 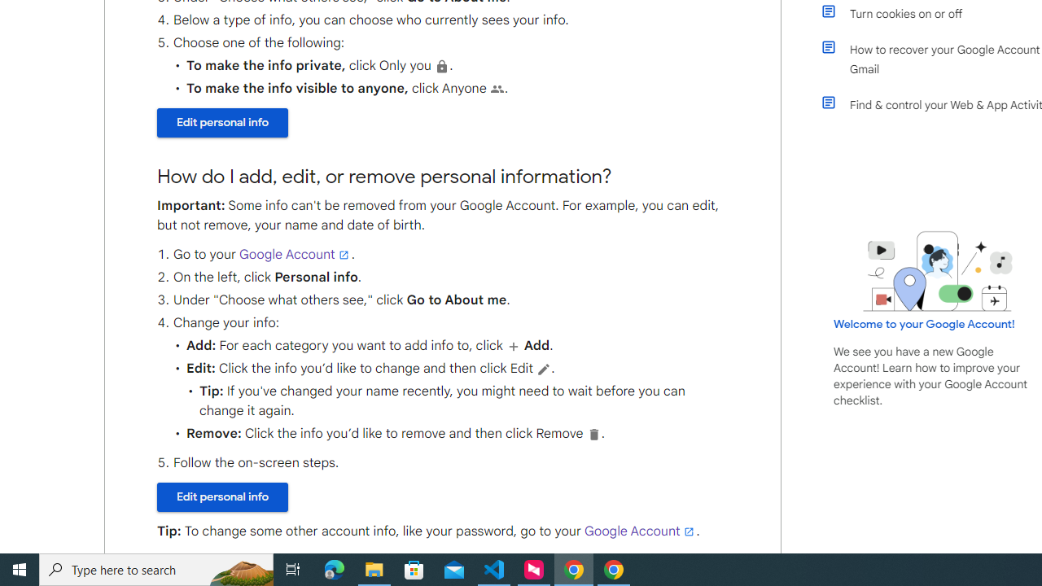 What do you see at coordinates (496, 89) in the screenshot?
I see `'People'` at bounding box center [496, 89].